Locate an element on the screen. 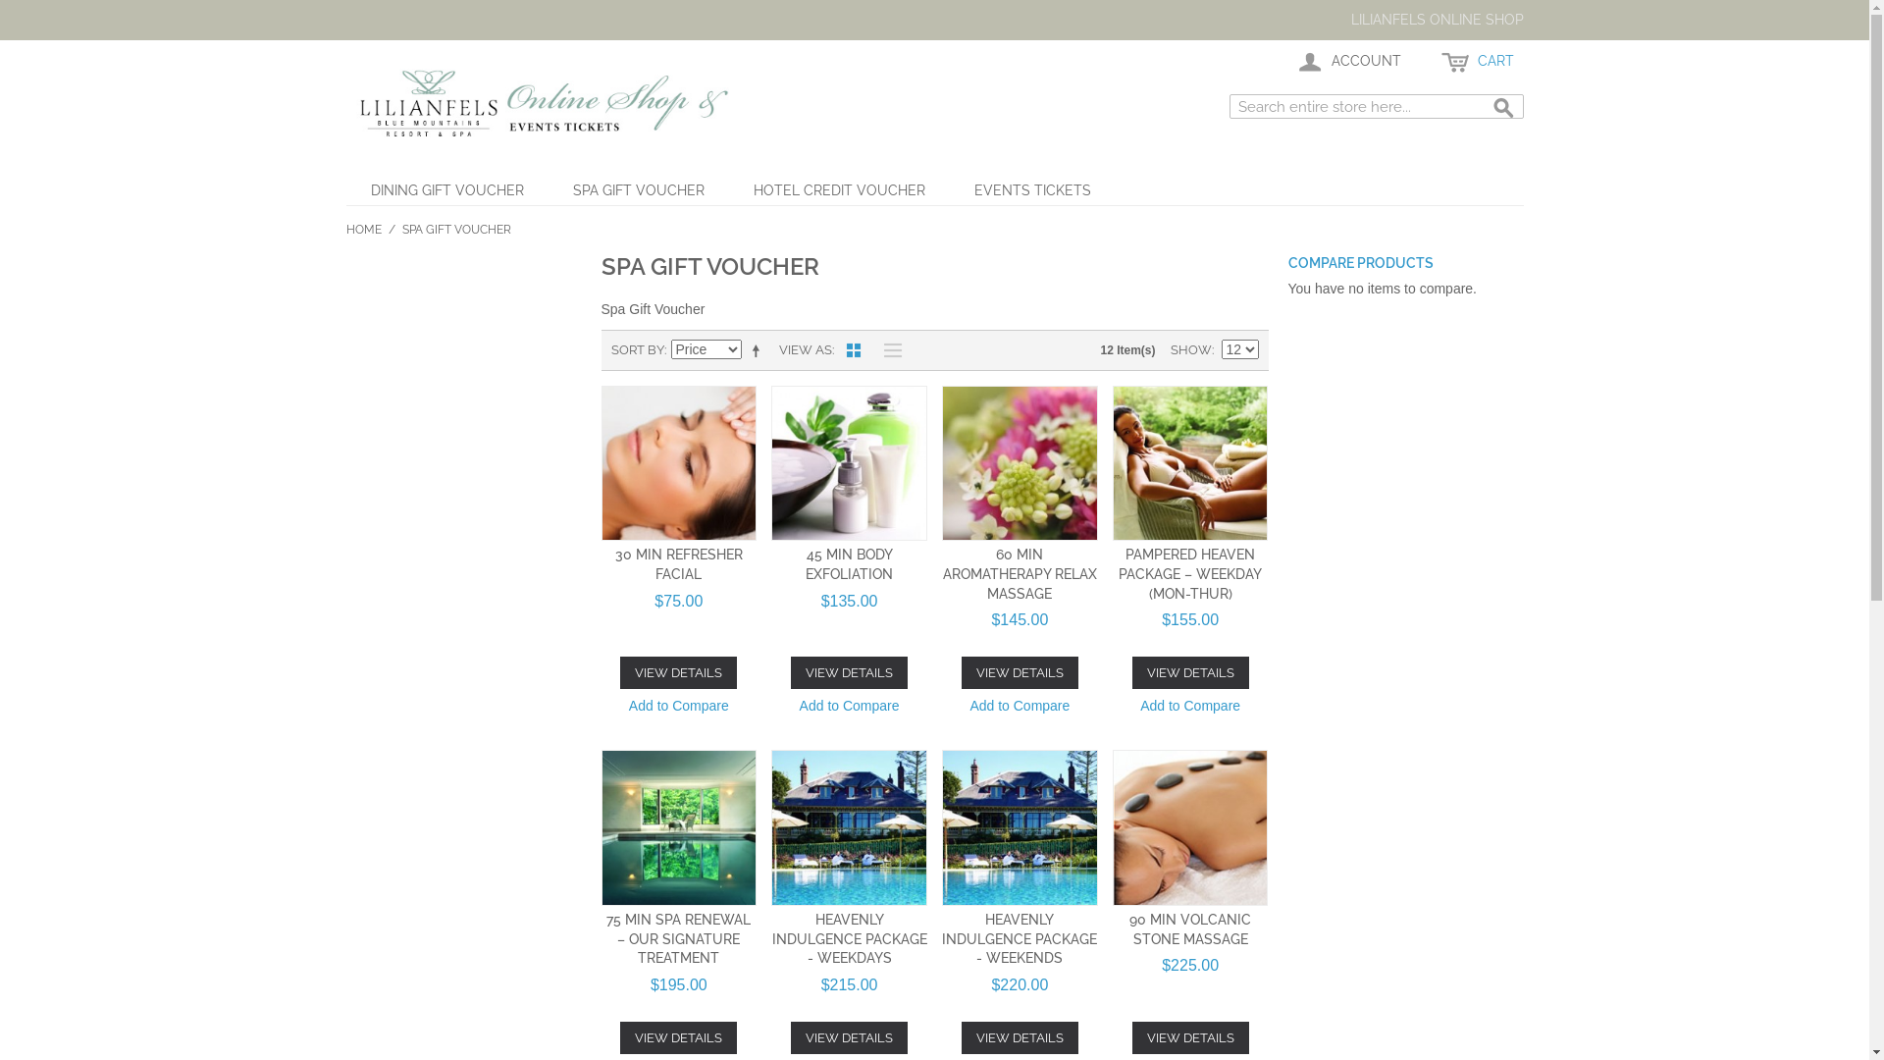 This screenshot has width=1884, height=1060. 'ACCOUNT' is located at coordinates (1285, 60).